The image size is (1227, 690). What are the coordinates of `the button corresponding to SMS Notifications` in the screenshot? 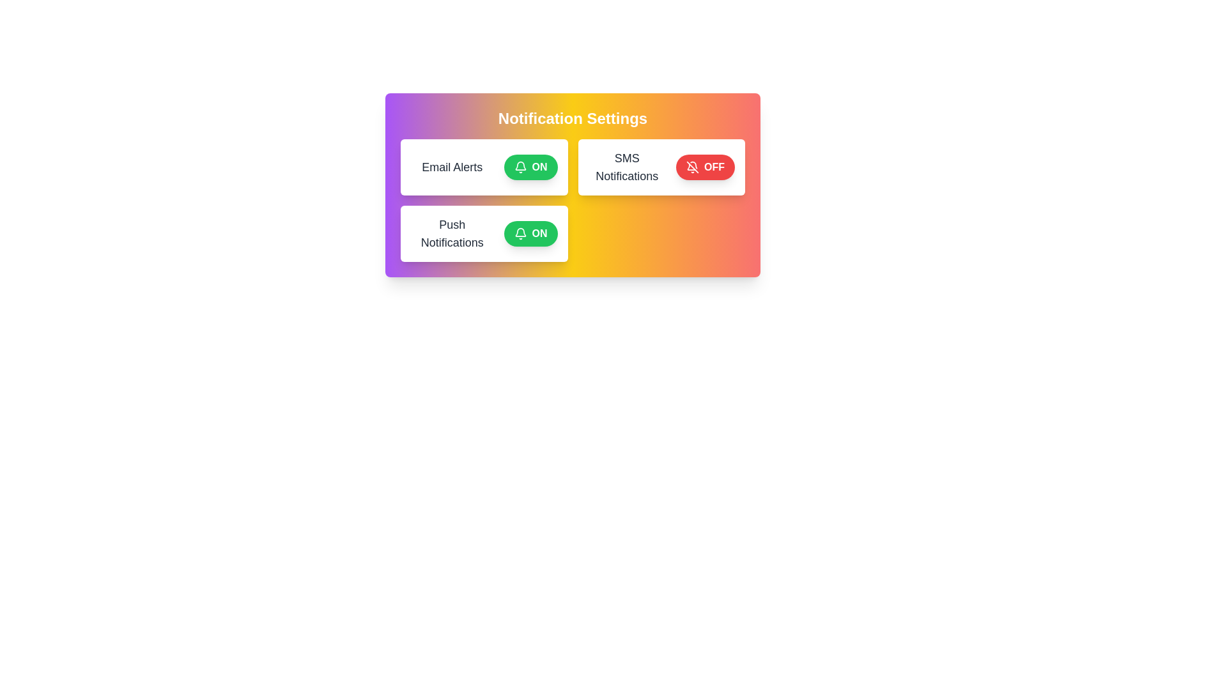 It's located at (705, 167).